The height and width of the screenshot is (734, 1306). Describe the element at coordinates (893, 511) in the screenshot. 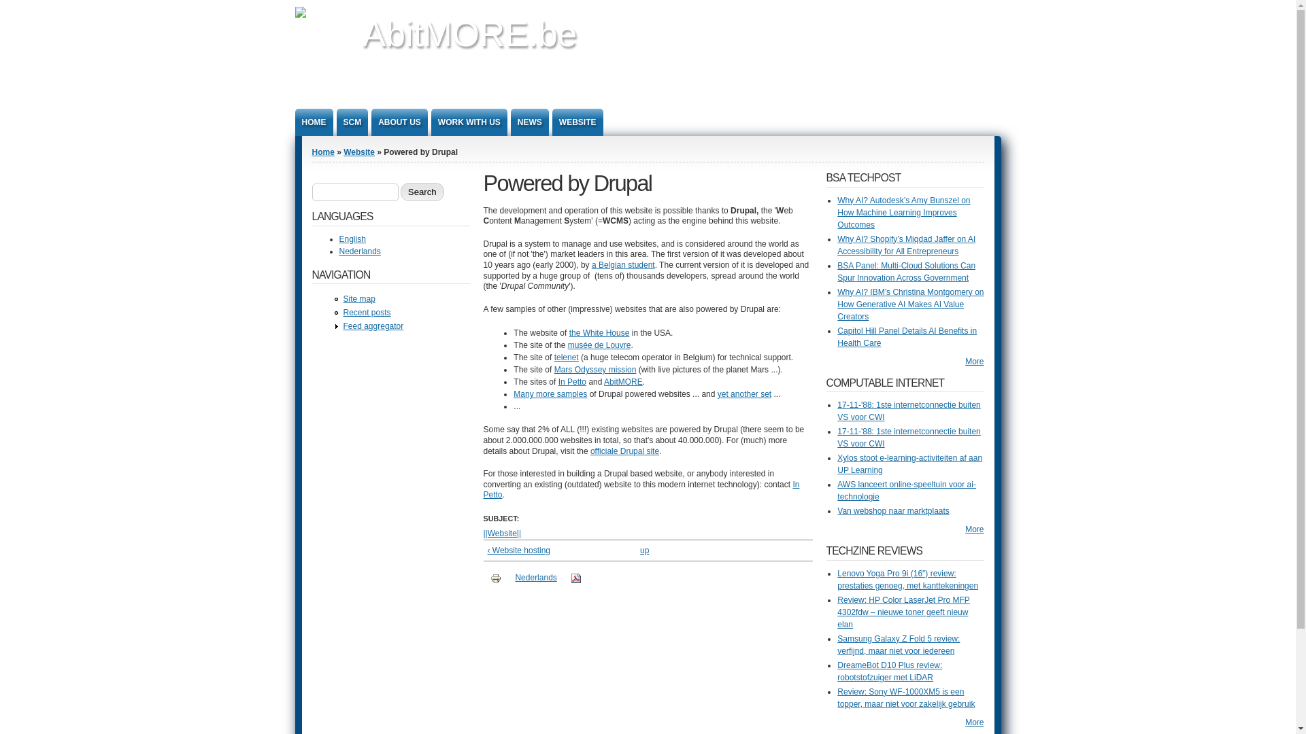

I see `'Van webshop naar marktplaats'` at that location.